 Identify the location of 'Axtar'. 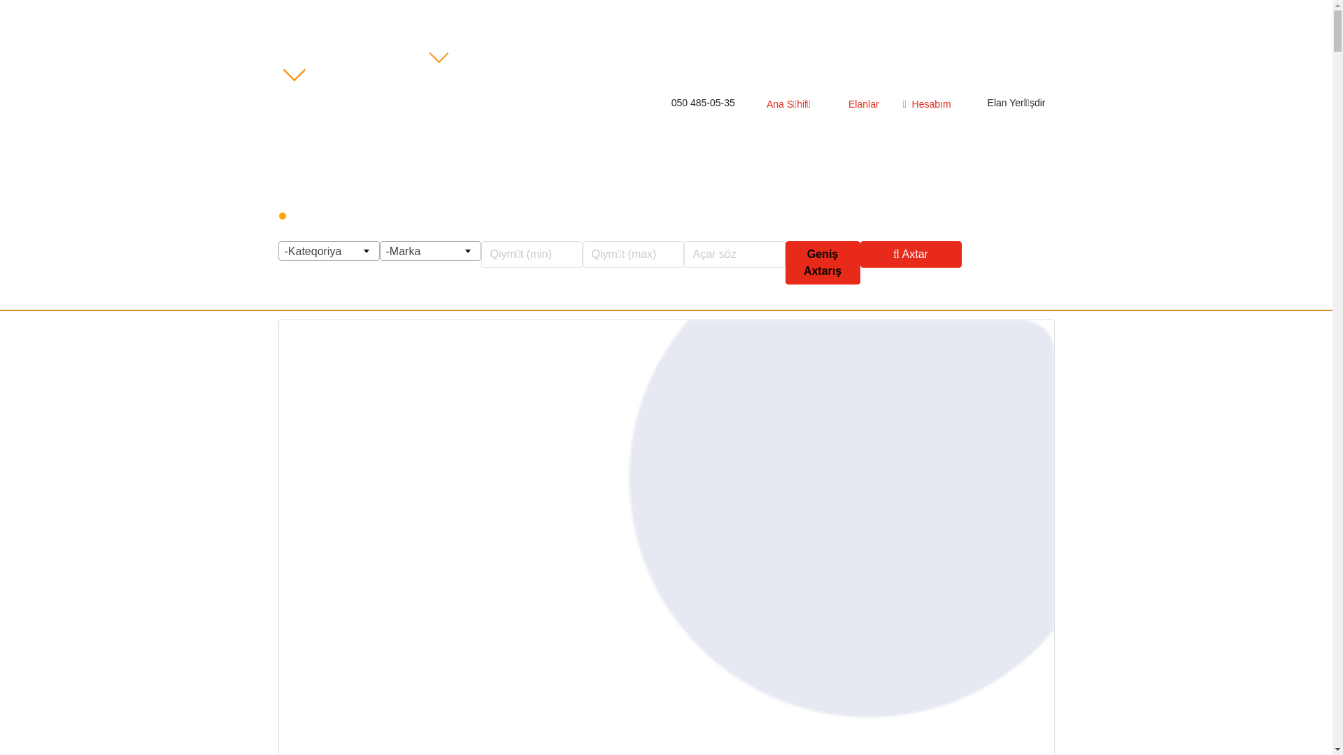
(911, 254).